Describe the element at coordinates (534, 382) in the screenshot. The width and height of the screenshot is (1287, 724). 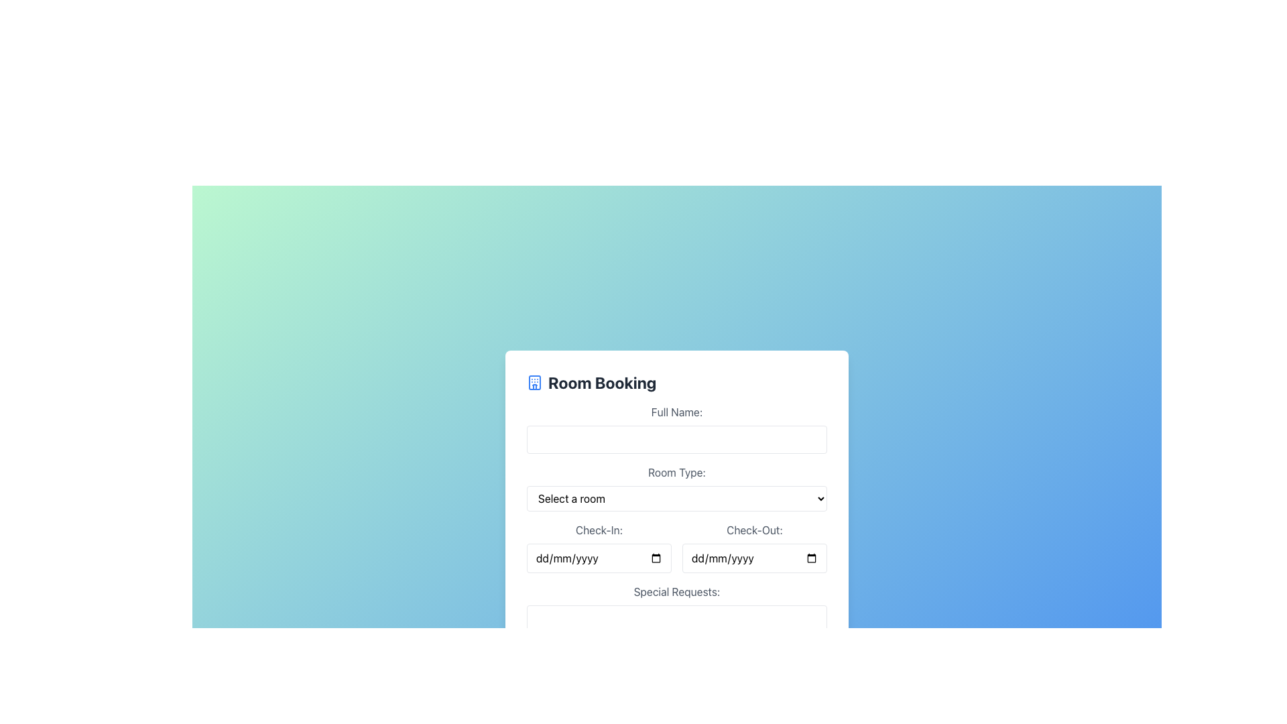
I see `the central SVG rectangle in the header labeled 'Room Booking', which serves a decorative and symbolic purpose` at that location.